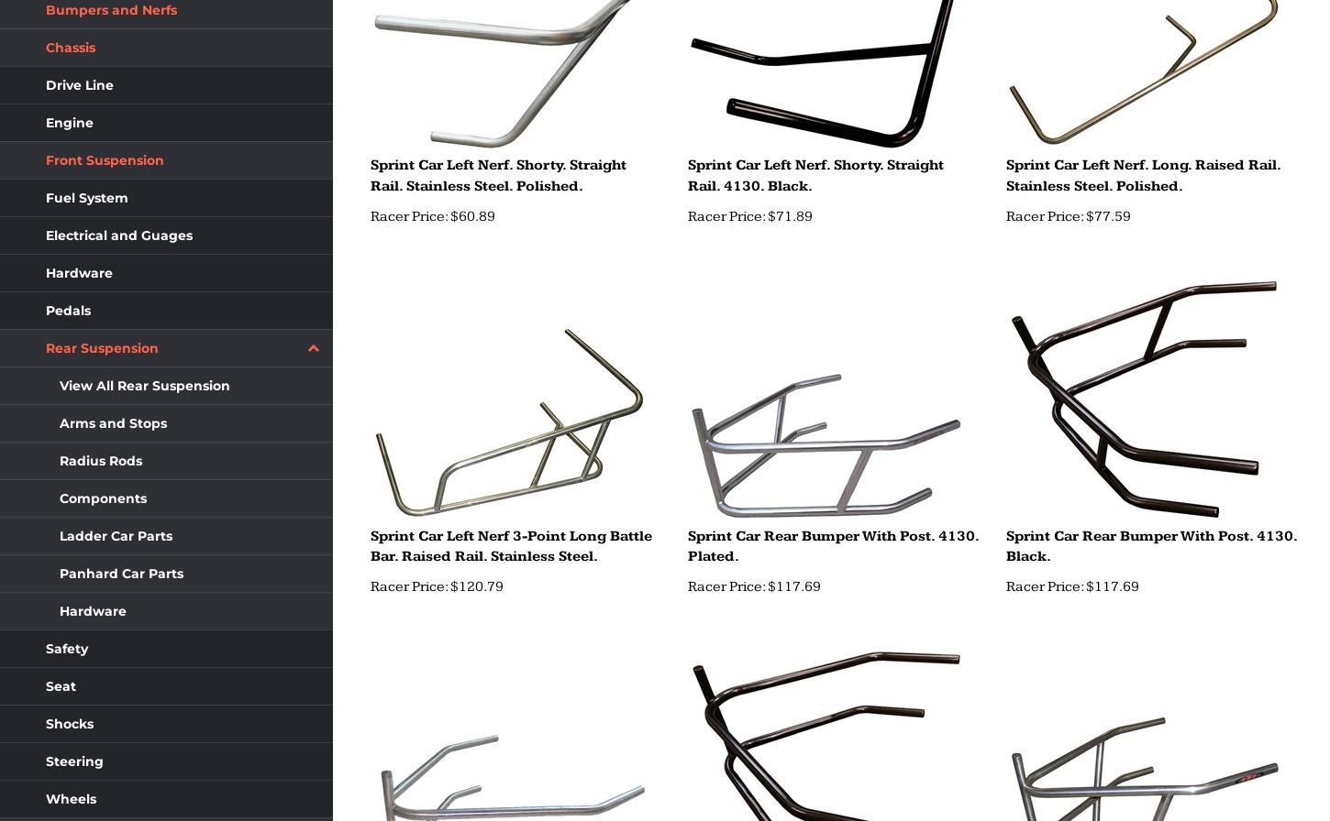  What do you see at coordinates (69, 123) in the screenshot?
I see `'Engine'` at bounding box center [69, 123].